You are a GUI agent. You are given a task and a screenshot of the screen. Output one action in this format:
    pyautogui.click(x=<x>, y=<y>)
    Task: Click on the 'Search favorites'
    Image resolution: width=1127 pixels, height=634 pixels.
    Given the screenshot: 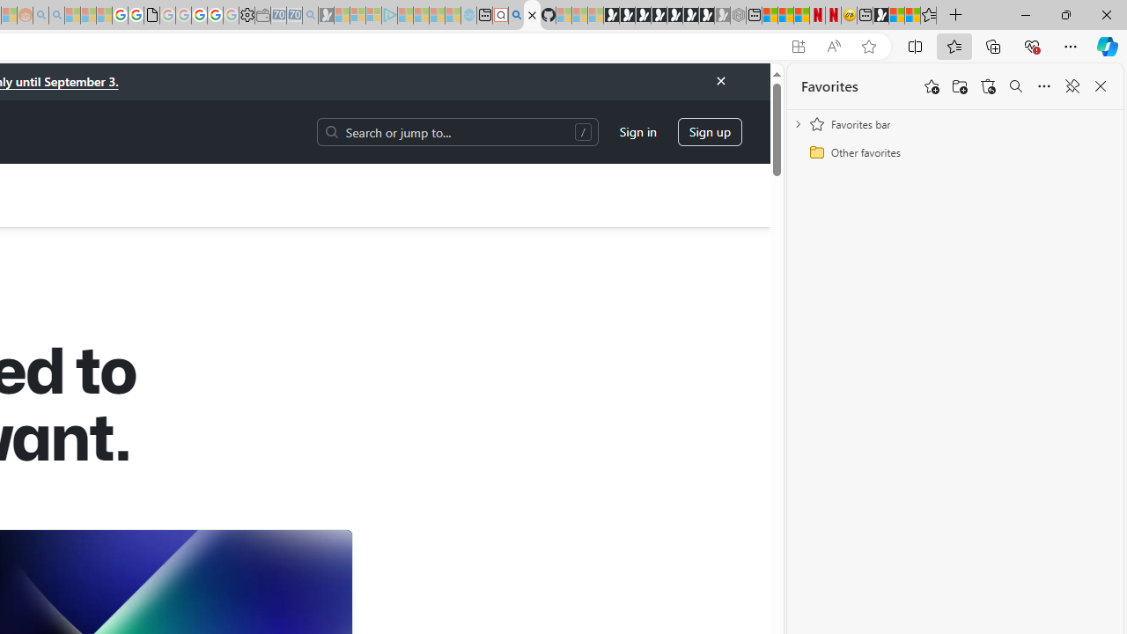 What is the action you would take?
    pyautogui.click(x=1015, y=86)
    